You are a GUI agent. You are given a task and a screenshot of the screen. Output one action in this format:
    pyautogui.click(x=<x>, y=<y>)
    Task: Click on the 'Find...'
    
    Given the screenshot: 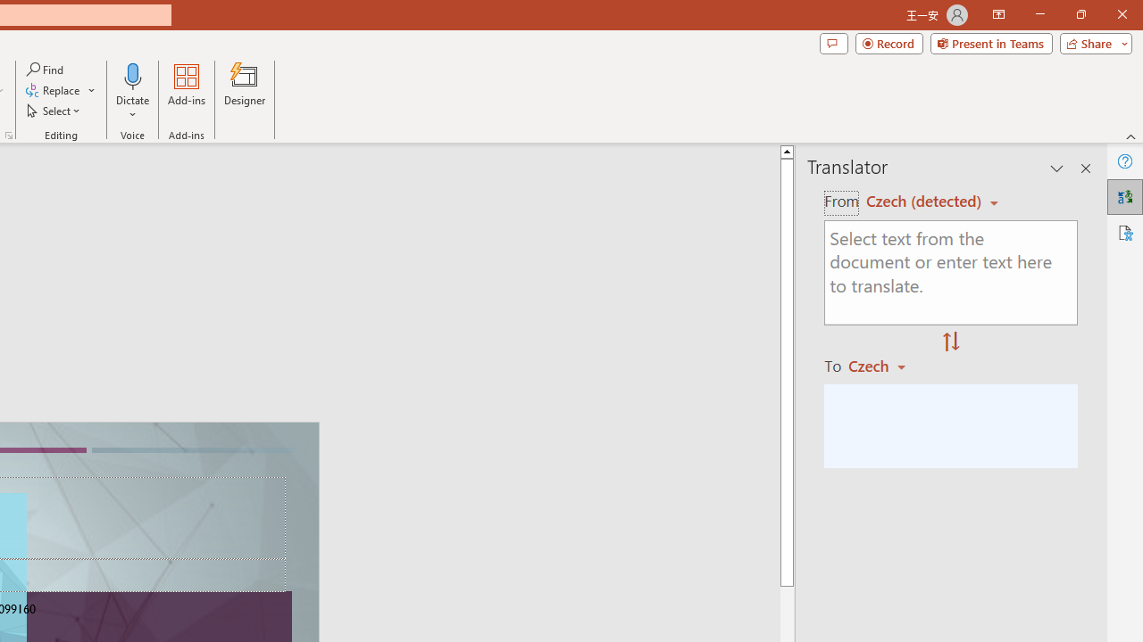 What is the action you would take?
    pyautogui.click(x=46, y=69)
    